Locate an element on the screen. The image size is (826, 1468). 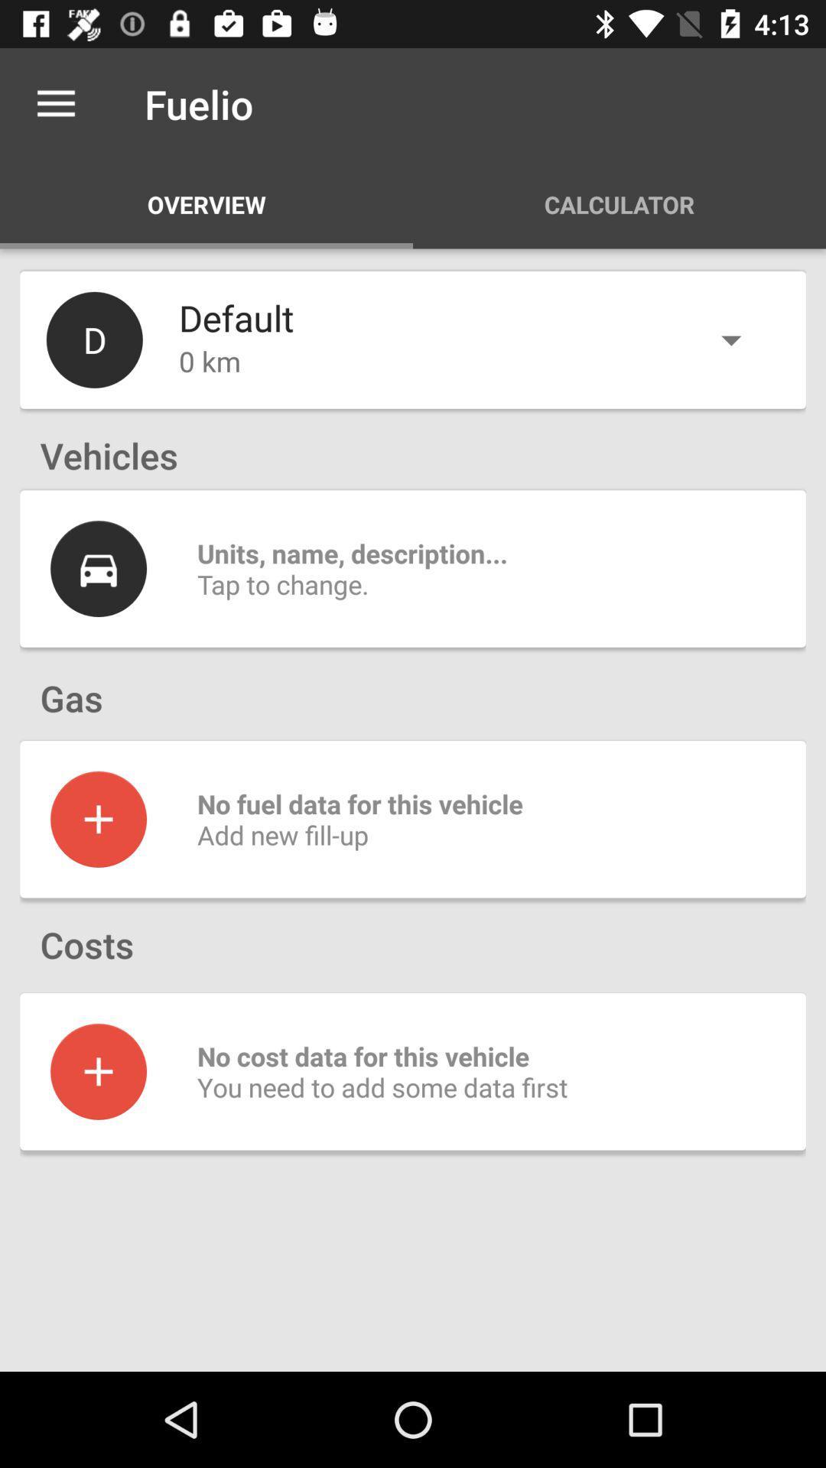
plus symbol below the costs is located at coordinates (98, 1070).